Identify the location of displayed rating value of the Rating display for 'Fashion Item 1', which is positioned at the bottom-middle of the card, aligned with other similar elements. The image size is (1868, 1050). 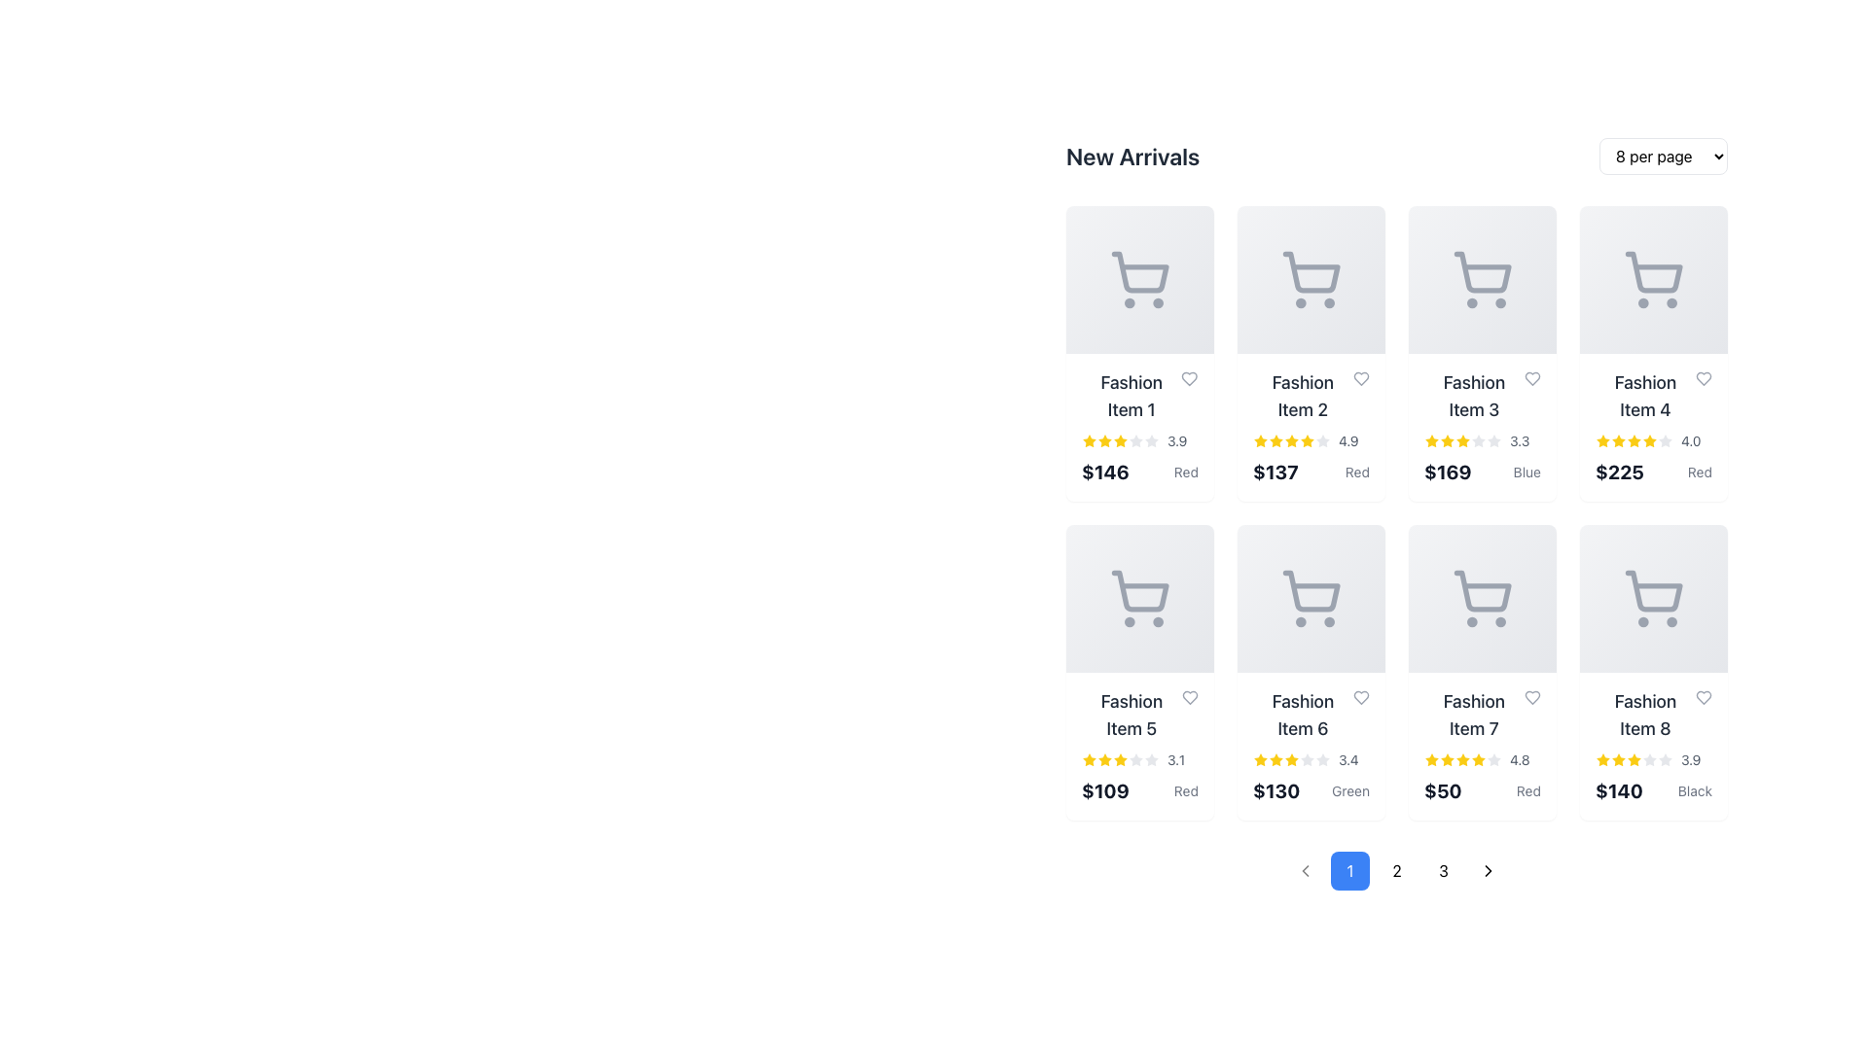
(1139, 441).